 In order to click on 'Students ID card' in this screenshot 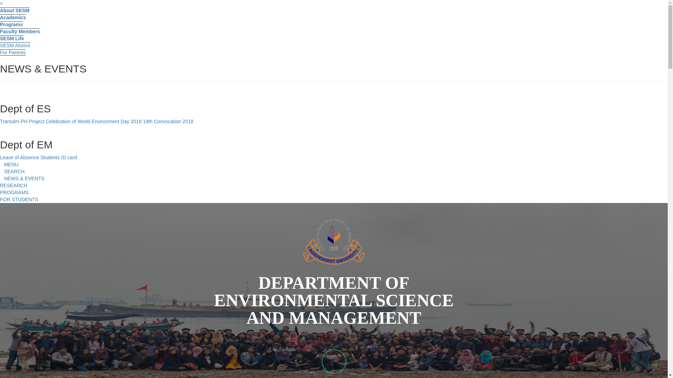, I will do `click(59, 157)`.